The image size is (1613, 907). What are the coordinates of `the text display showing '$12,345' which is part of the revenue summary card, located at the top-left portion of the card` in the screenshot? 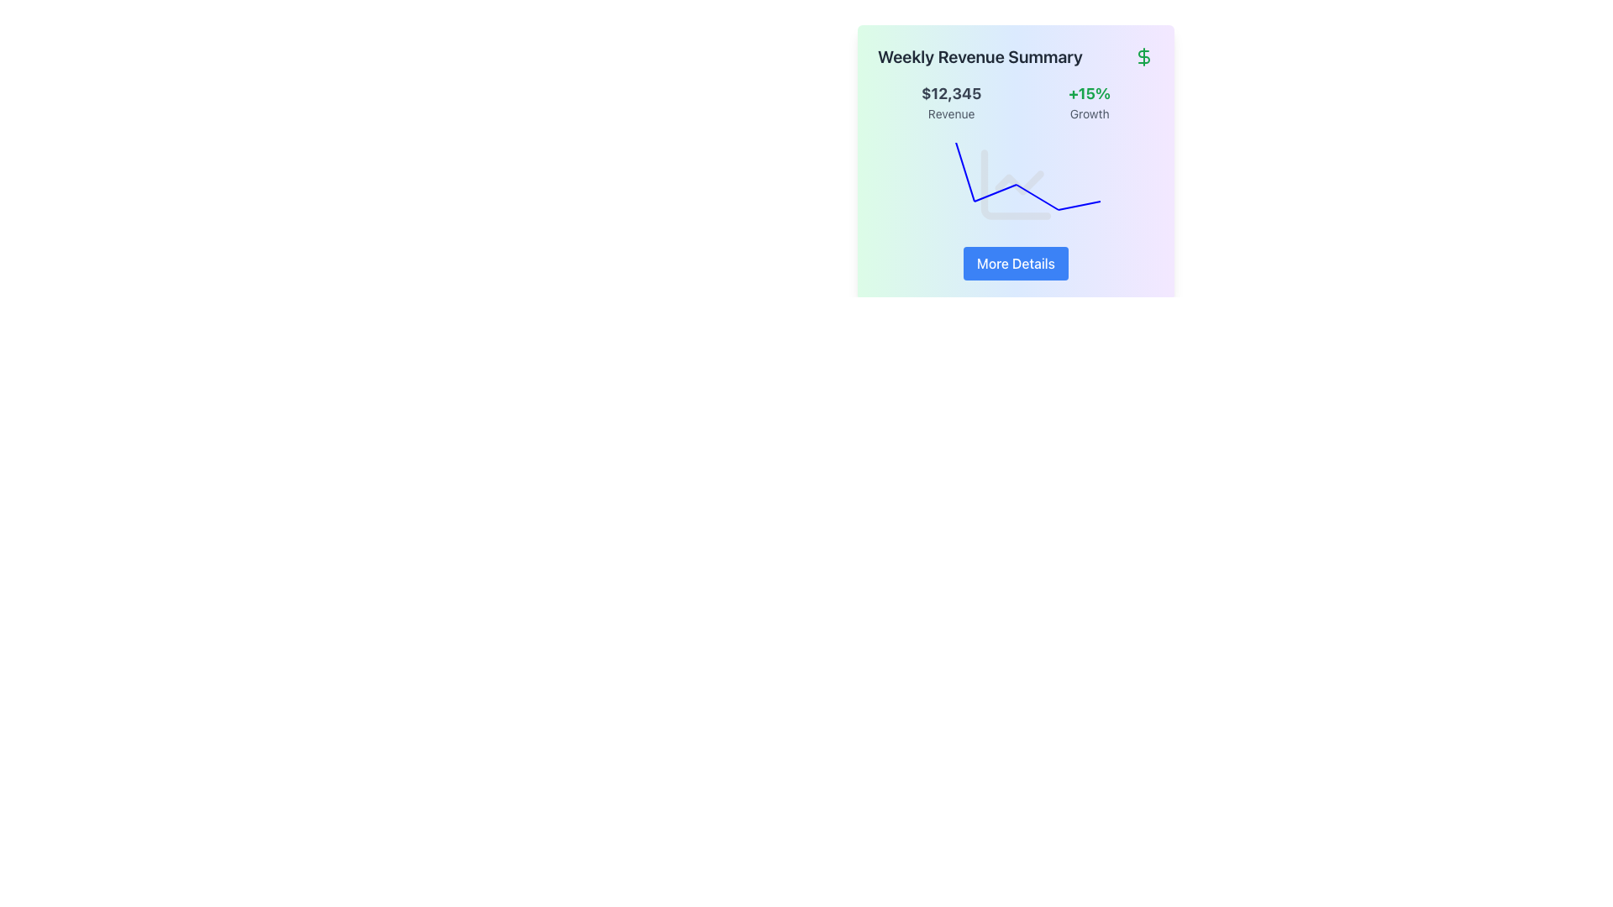 It's located at (951, 102).